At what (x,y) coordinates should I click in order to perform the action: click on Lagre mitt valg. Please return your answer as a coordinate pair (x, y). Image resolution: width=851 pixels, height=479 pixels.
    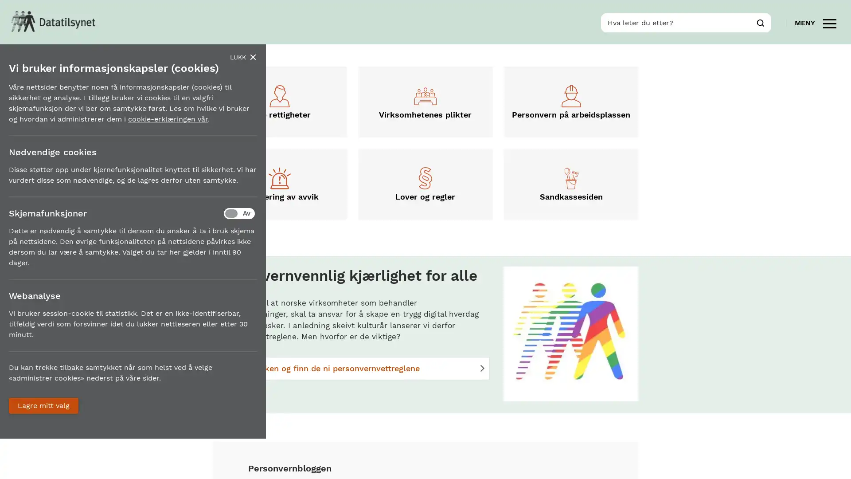
    Looking at the image, I should click on (43, 405).